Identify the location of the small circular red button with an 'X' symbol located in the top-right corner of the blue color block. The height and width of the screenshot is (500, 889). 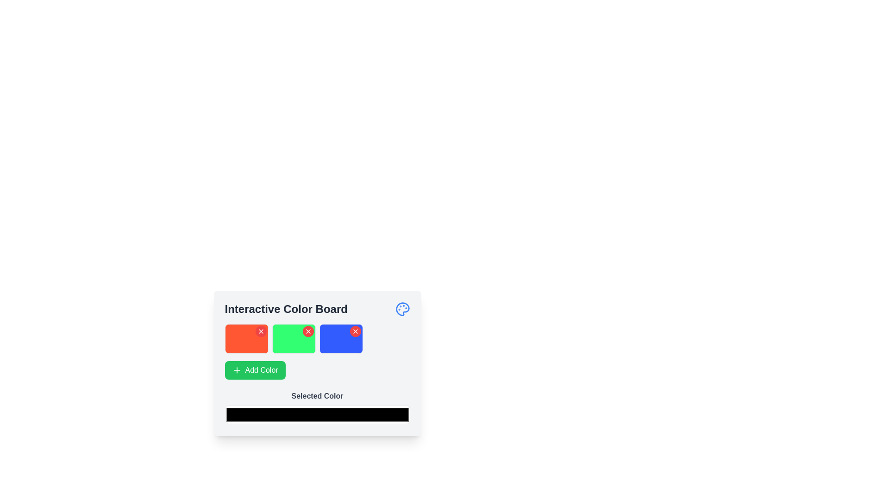
(355, 331).